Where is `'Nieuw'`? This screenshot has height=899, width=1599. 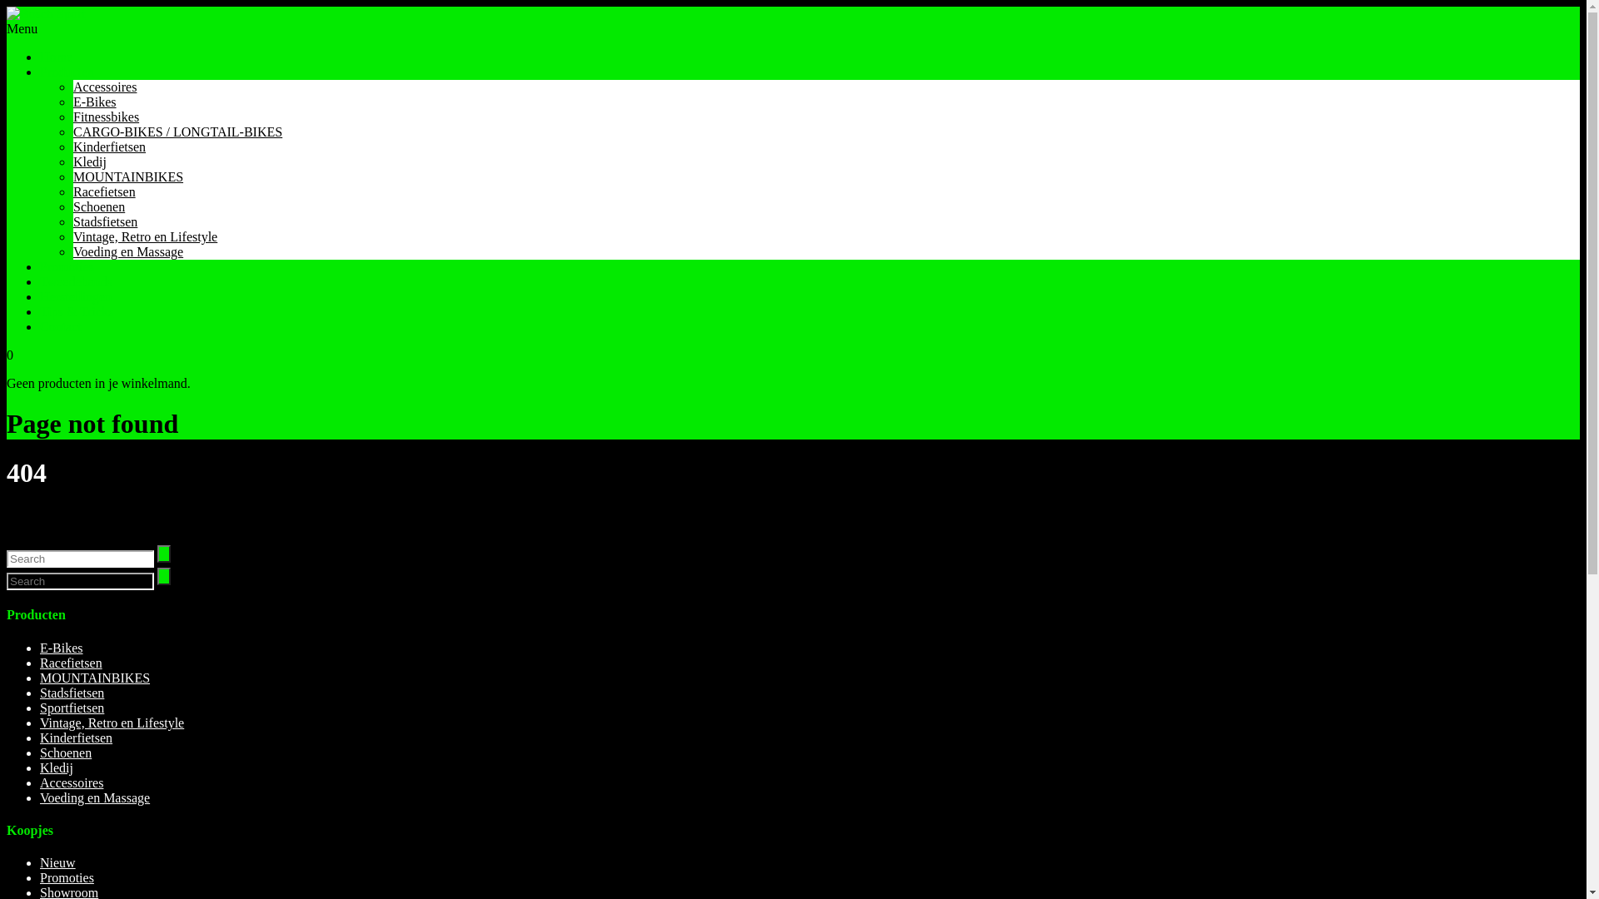
'Nieuw' is located at coordinates (57, 862).